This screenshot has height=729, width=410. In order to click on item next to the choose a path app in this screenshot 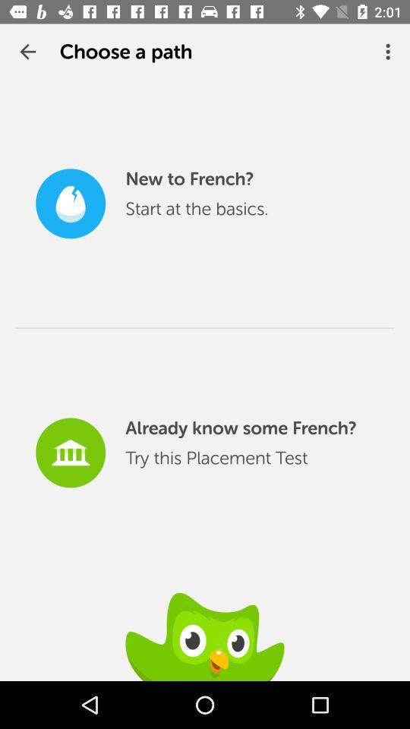, I will do `click(27, 52)`.